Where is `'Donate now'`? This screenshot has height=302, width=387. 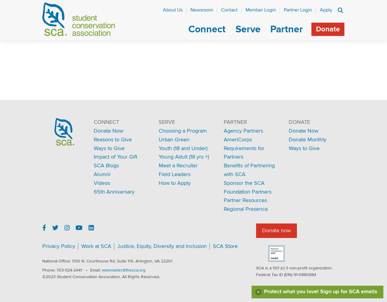
'Donate now' is located at coordinates (262, 230).